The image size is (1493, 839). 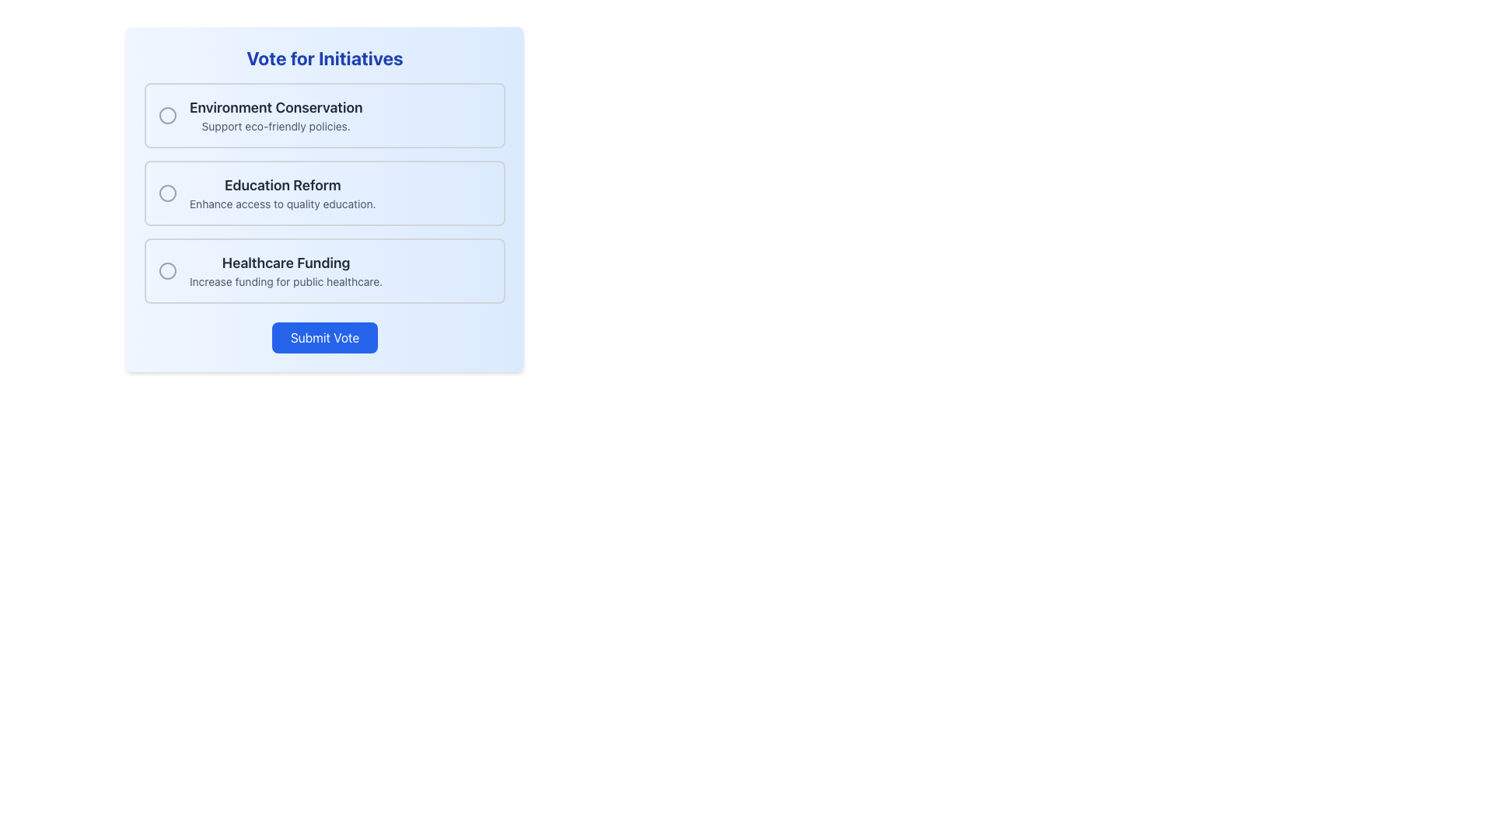 I want to click on the 'Environment Conservation' option in the selectable panel, which features bold text in dark gray and is the first item in a vertical list of three sections, so click(x=276, y=115).